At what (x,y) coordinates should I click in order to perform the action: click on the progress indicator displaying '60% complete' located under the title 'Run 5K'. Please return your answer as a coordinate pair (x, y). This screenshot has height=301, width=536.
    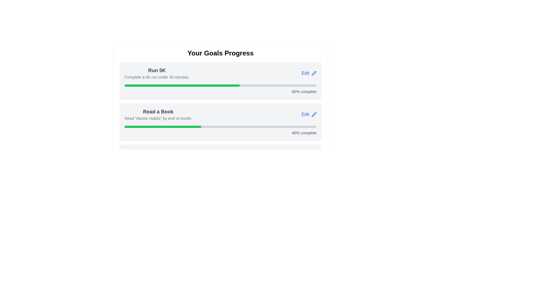
    Looking at the image, I should click on (220, 89).